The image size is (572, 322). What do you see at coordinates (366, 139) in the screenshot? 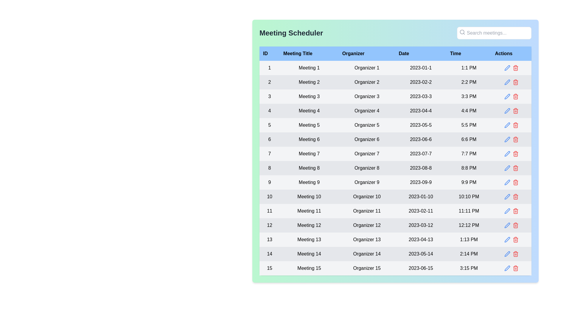
I see `text displayed within the Organizer cell of the sixth meeting entry in the data table, located in the third column of the sixth row` at bounding box center [366, 139].